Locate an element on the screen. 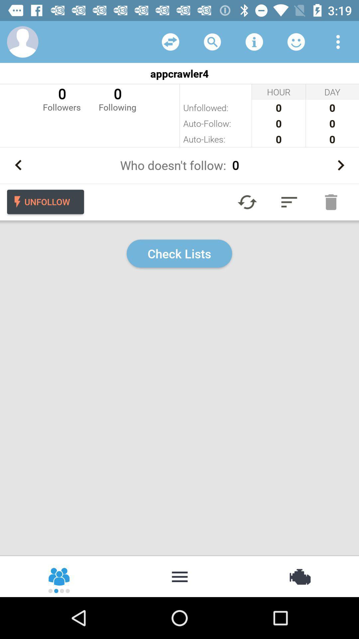 The height and width of the screenshot is (639, 359). go back is located at coordinates (18, 165).